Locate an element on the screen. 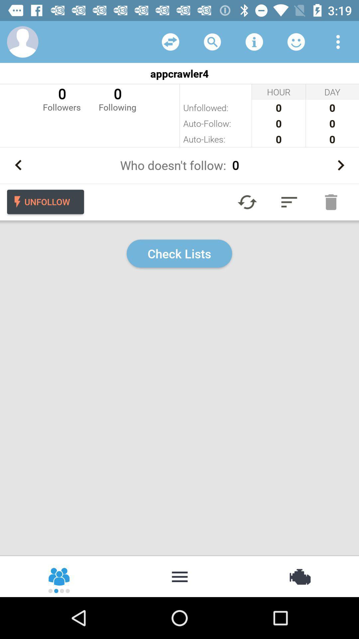 The height and width of the screenshot is (639, 359). go back is located at coordinates (18, 165).